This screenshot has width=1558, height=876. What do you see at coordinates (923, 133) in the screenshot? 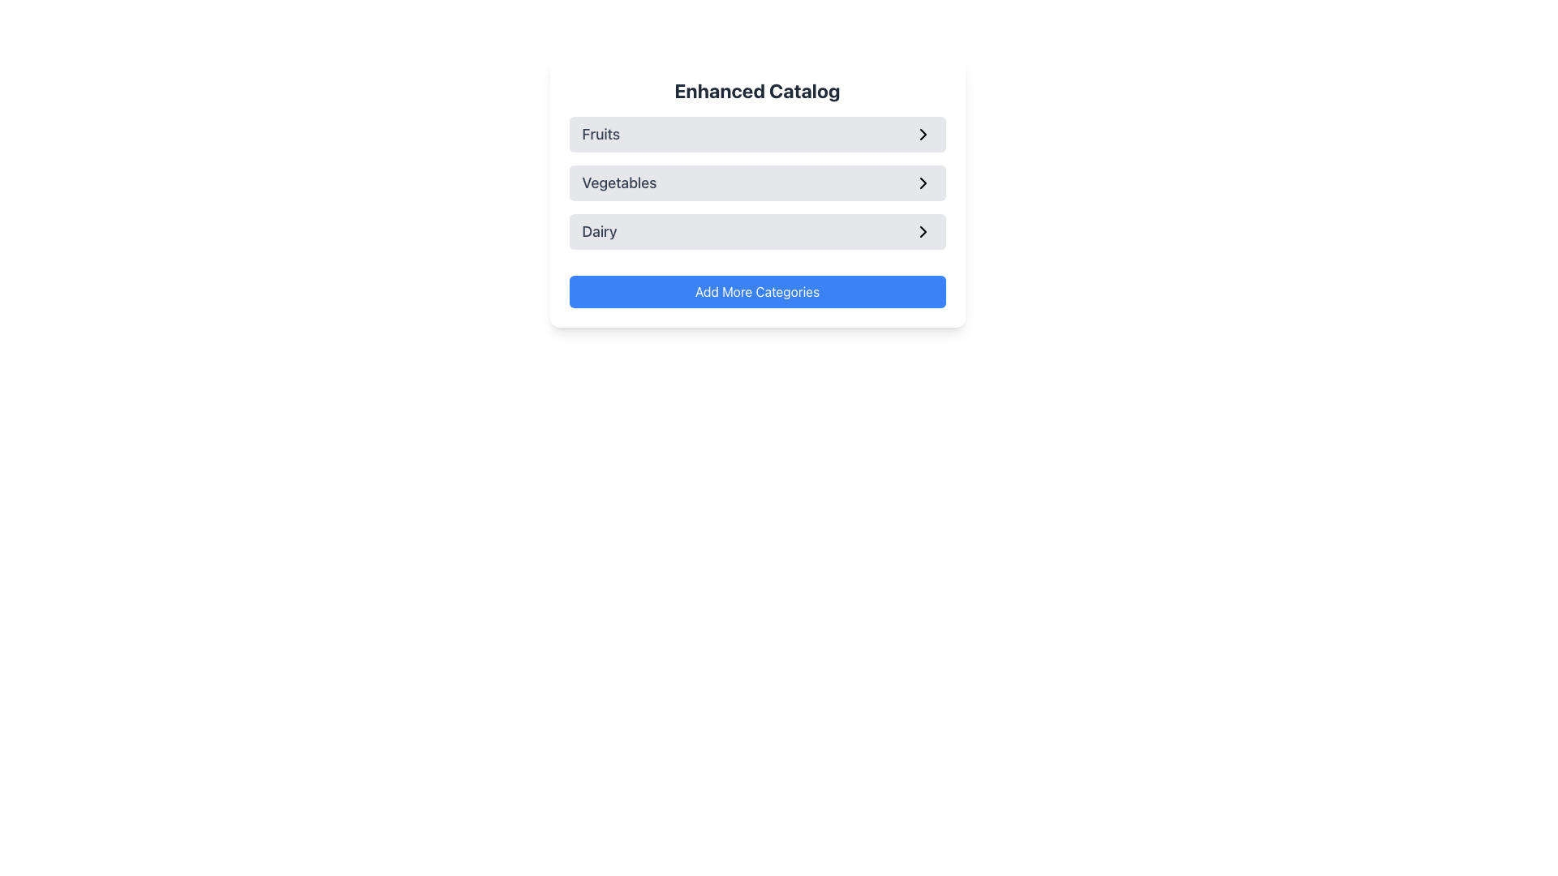
I see `the chevron navigation indicator at the right side of the 'Fruits' list item` at bounding box center [923, 133].